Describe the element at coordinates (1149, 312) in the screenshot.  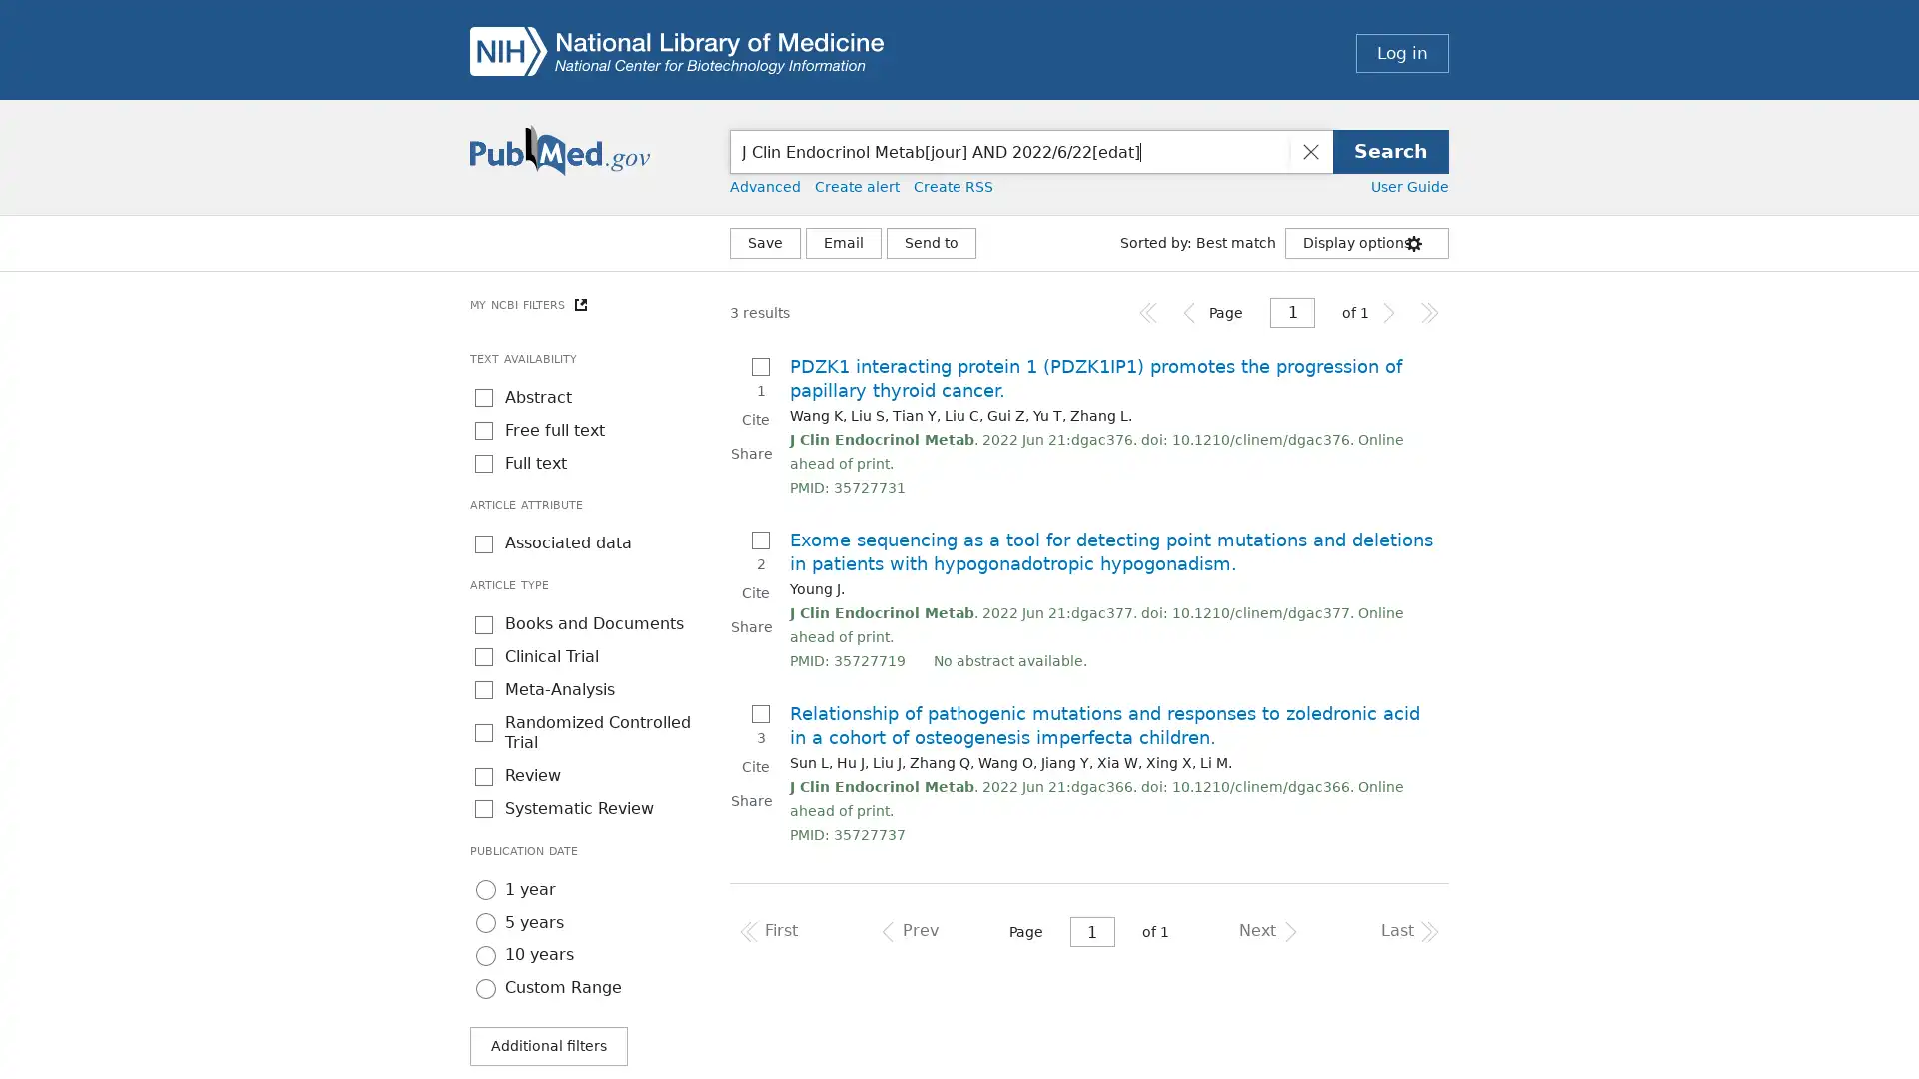
I see `Navigates to the first page of results.` at that location.